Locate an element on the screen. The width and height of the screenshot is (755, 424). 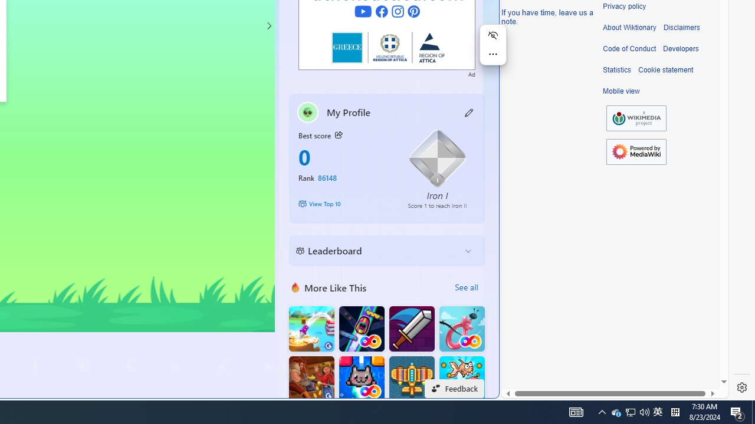
'Hide menu' is located at coordinates (493, 35).